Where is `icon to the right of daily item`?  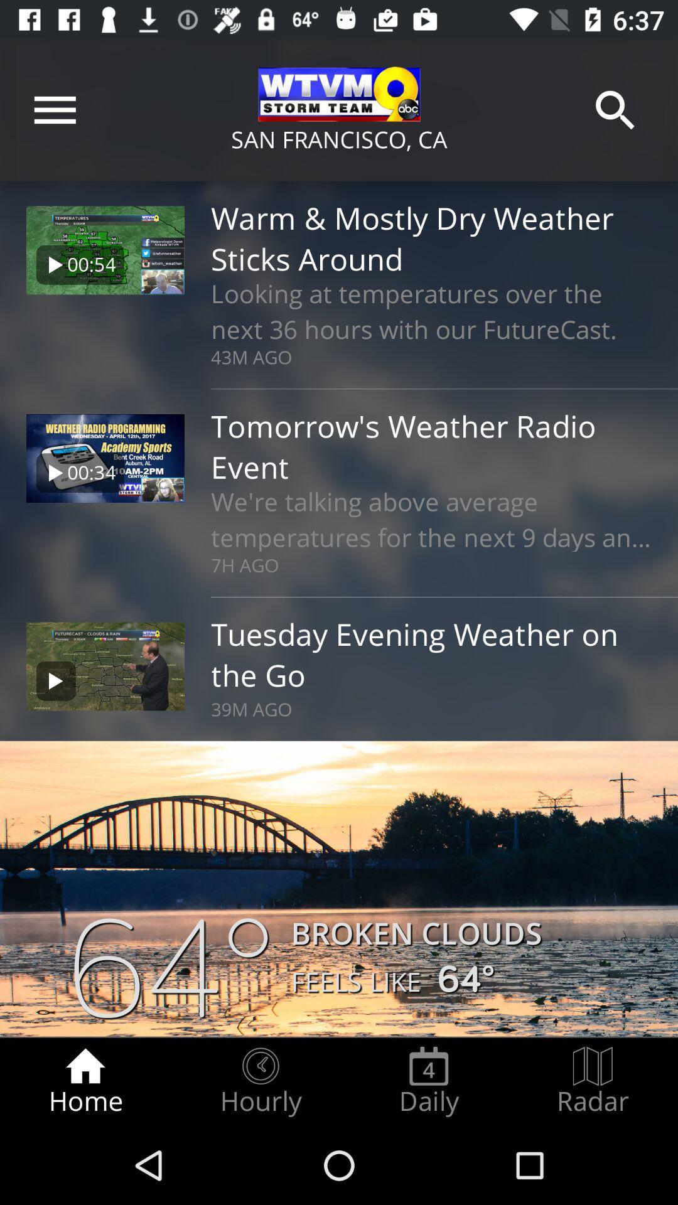
icon to the right of daily item is located at coordinates (593, 1081).